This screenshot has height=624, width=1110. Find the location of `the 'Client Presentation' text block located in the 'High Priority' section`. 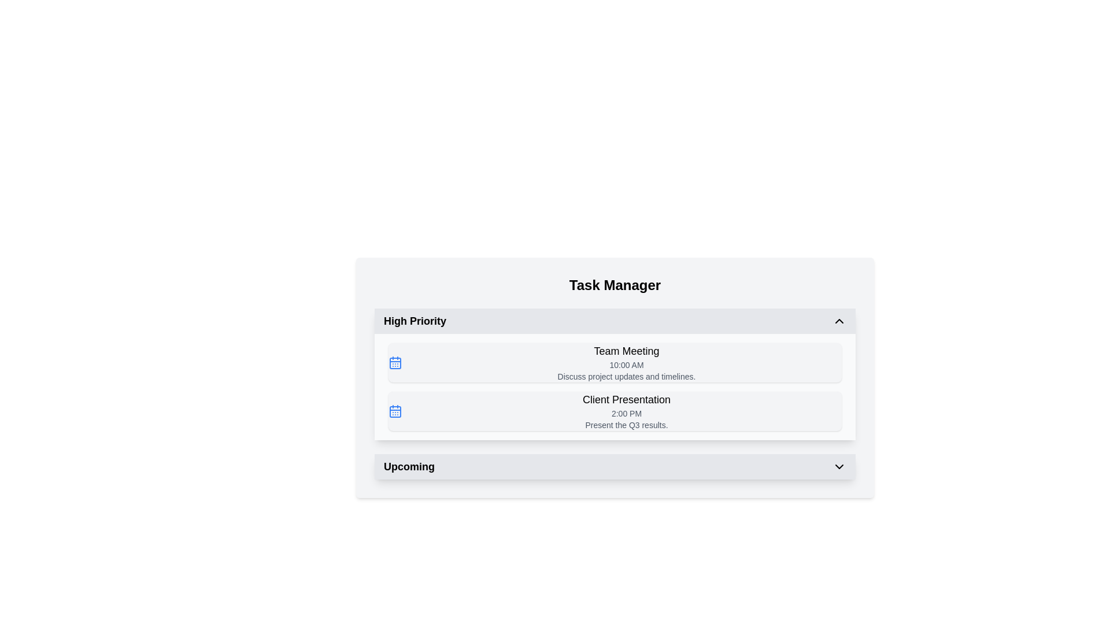

the 'Client Presentation' text block located in the 'High Priority' section is located at coordinates (626, 411).